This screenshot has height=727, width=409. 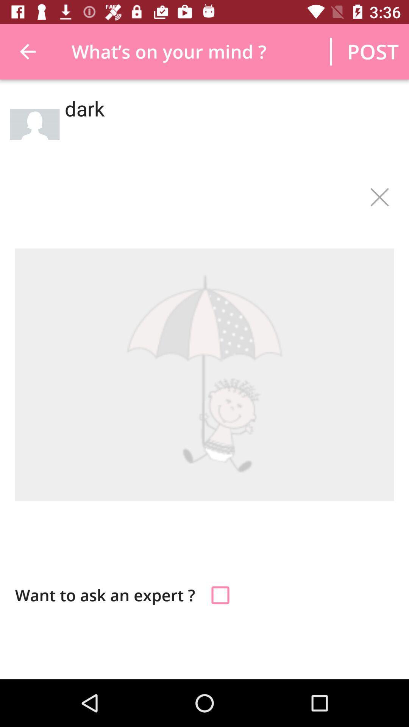 I want to click on the item above dark item, so click(x=372, y=51).